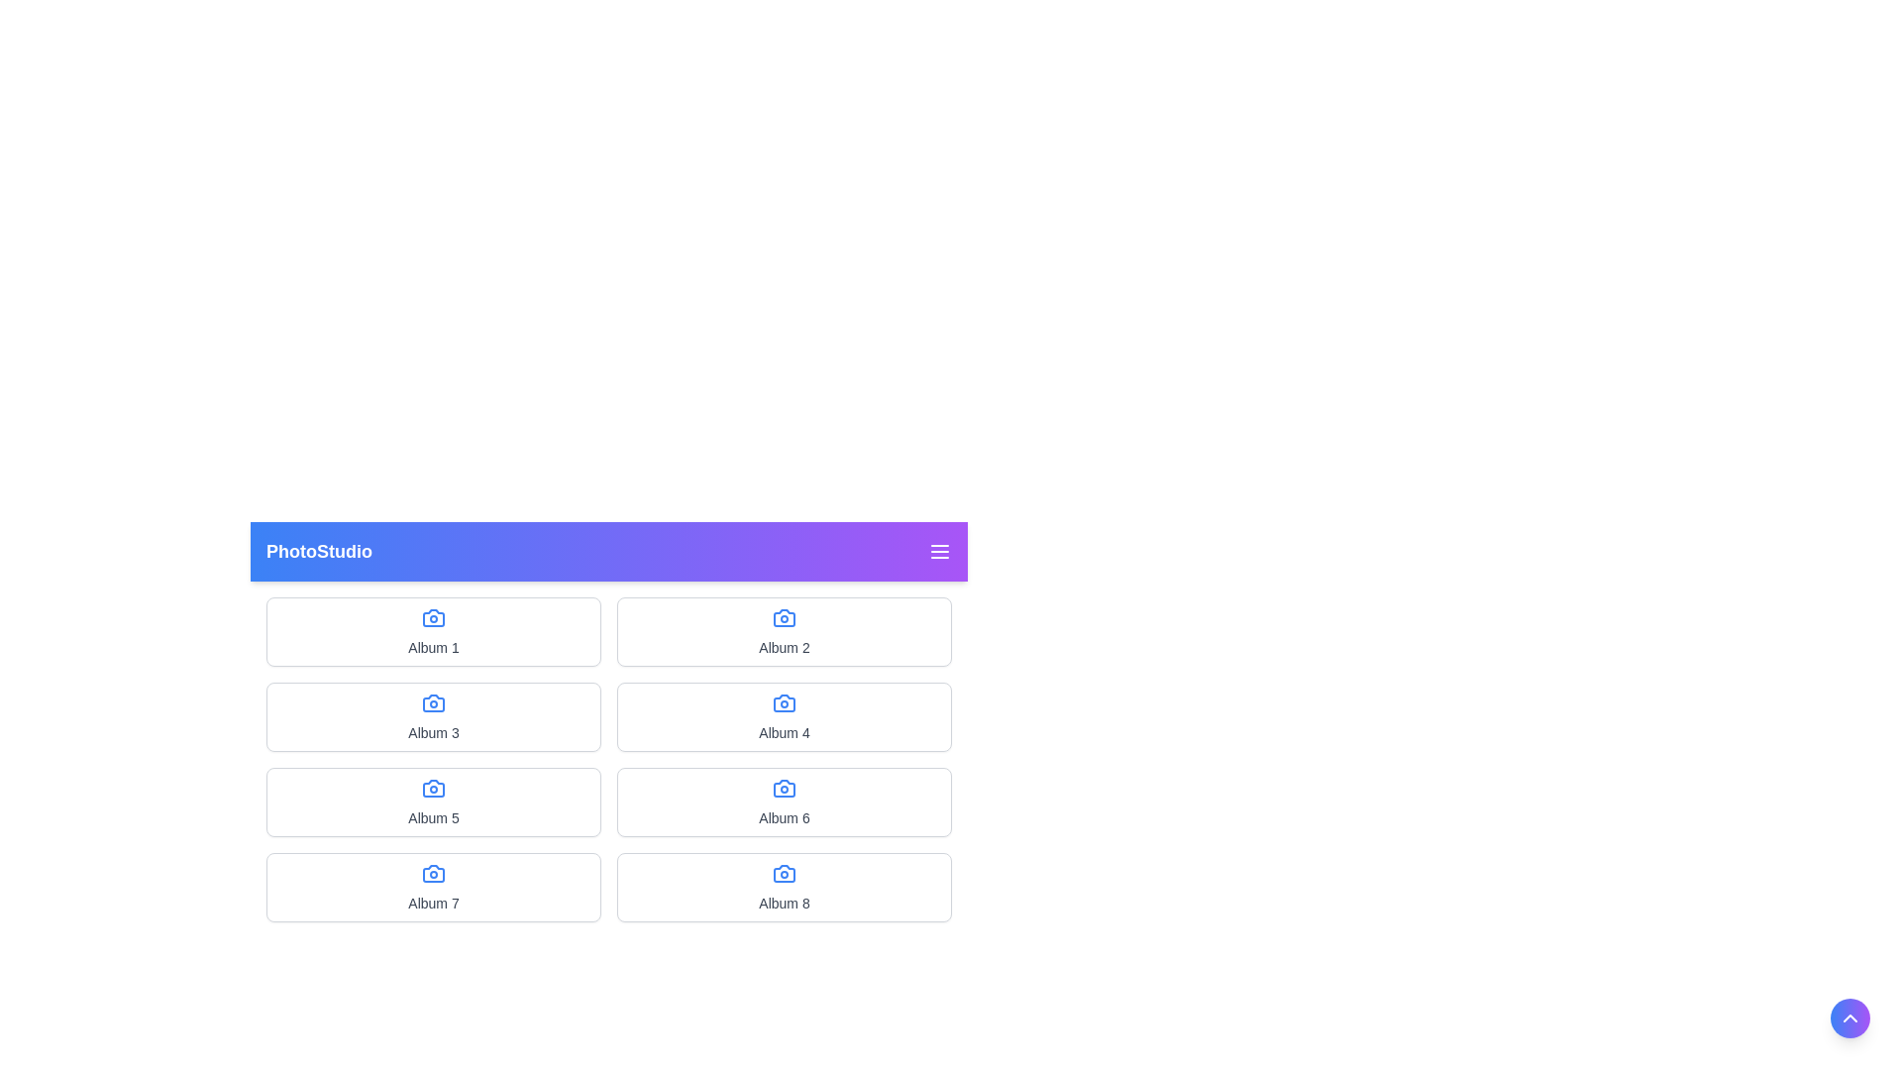 This screenshot has height=1070, width=1902. What do you see at coordinates (432, 886) in the screenshot?
I see `the first card in the bottom row of a 4x2 grid layout, which contains a blue camera icon and is labeled 'Album 7'` at bounding box center [432, 886].